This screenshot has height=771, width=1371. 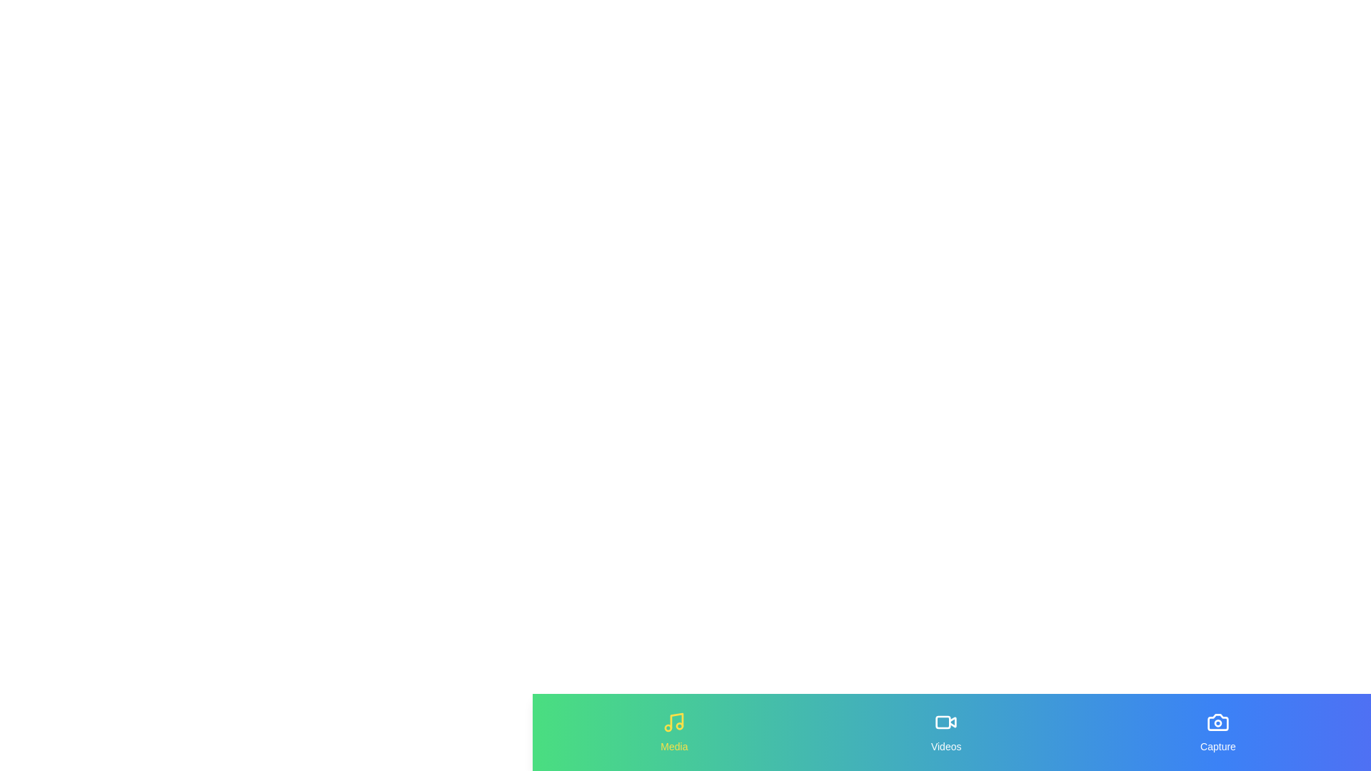 What do you see at coordinates (945, 732) in the screenshot?
I see `the 'Videos' tab in the bottom navigation` at bounding box center [945, 732].